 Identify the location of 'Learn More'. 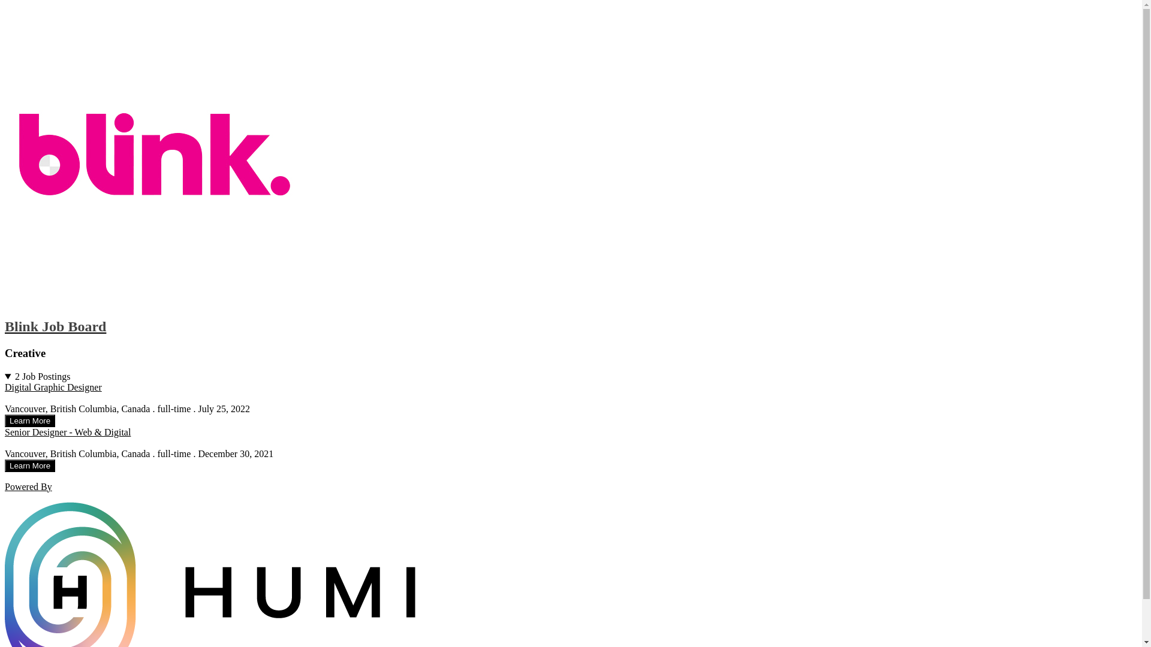
(29, 464).